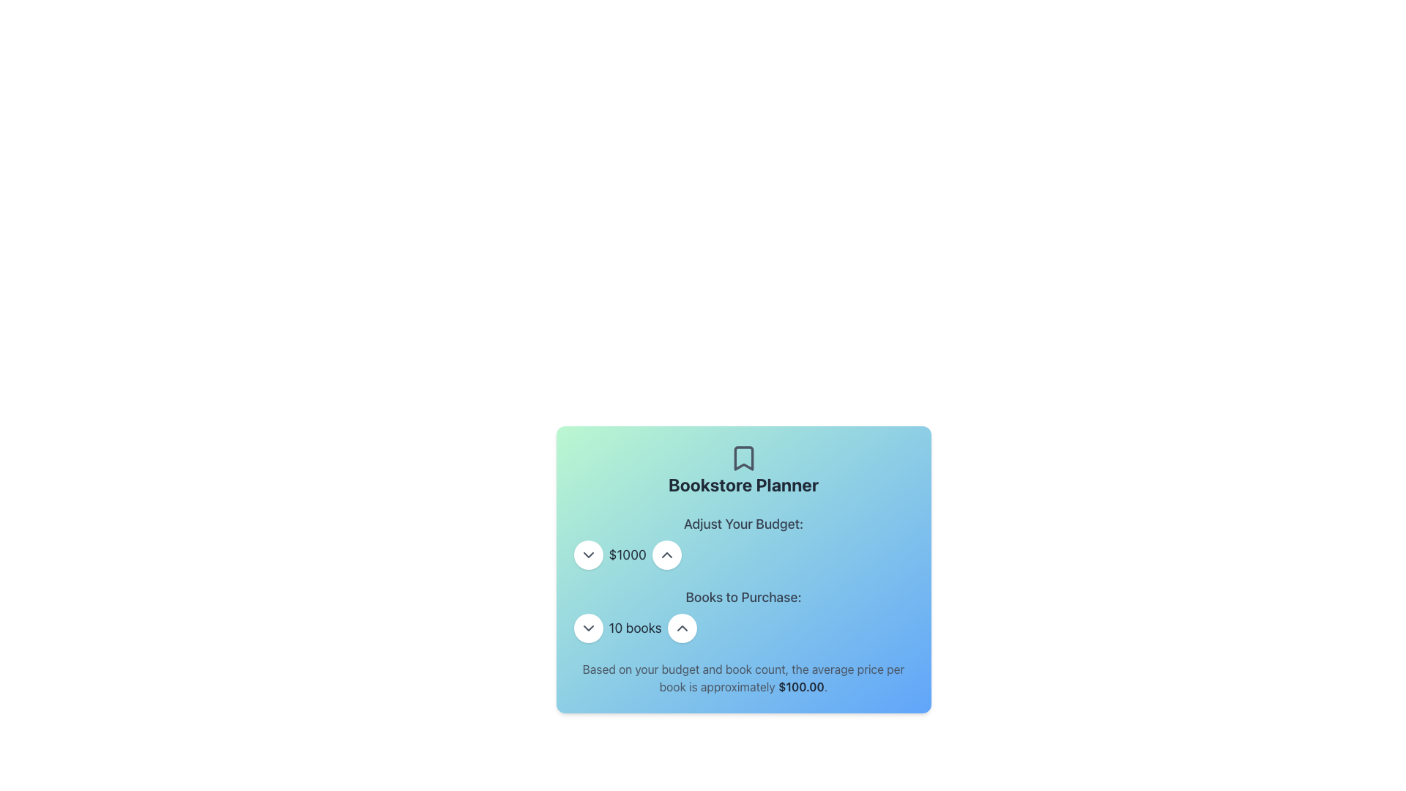 The height and width of the screenshot is (791, 1406). What do you see at coordinates (666, 555) in the screenshot?
I see `the circular button with a white background and a black chevron icon pointing upwards to increase the budget` at bounding box center [666, 555].